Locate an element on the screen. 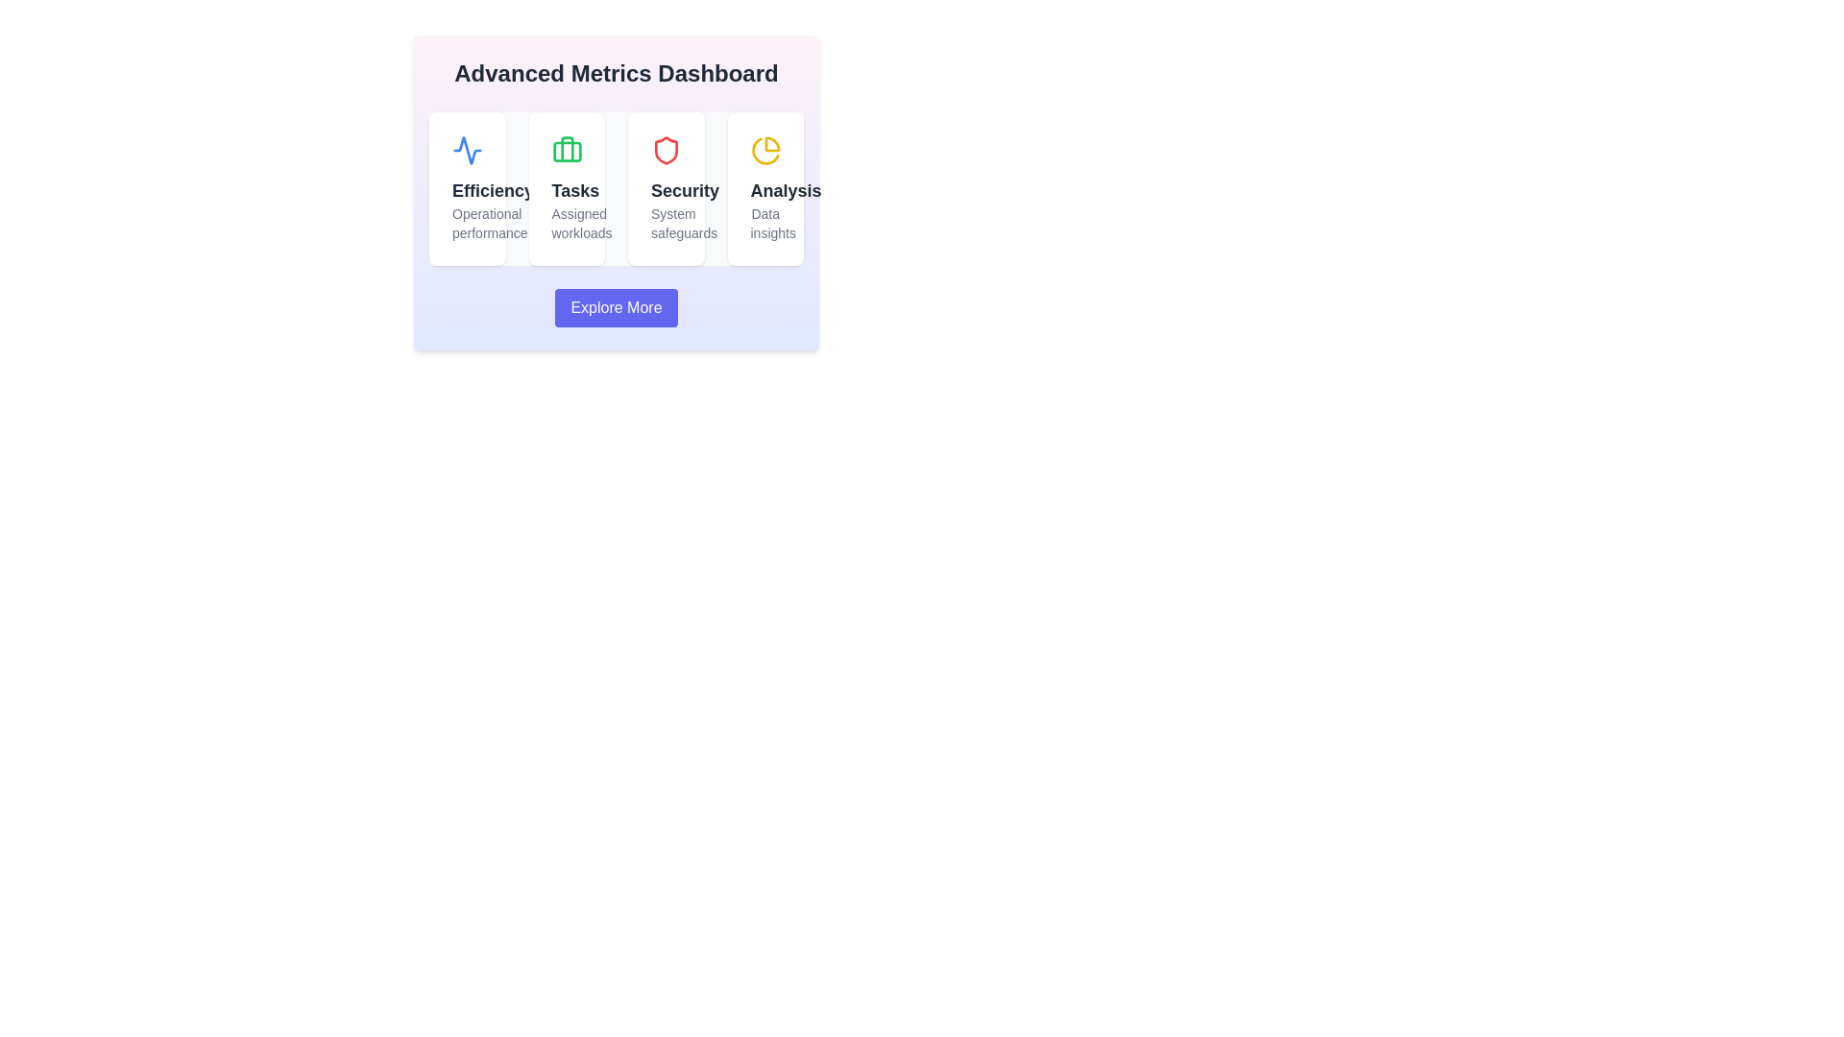 The image size is (1844, 1037). the small text label that contains the phrase 'Operational performance', which is styled in gray and positioned below the bold title 'Efficiency' within a white card is located at coordinates (467, 222).